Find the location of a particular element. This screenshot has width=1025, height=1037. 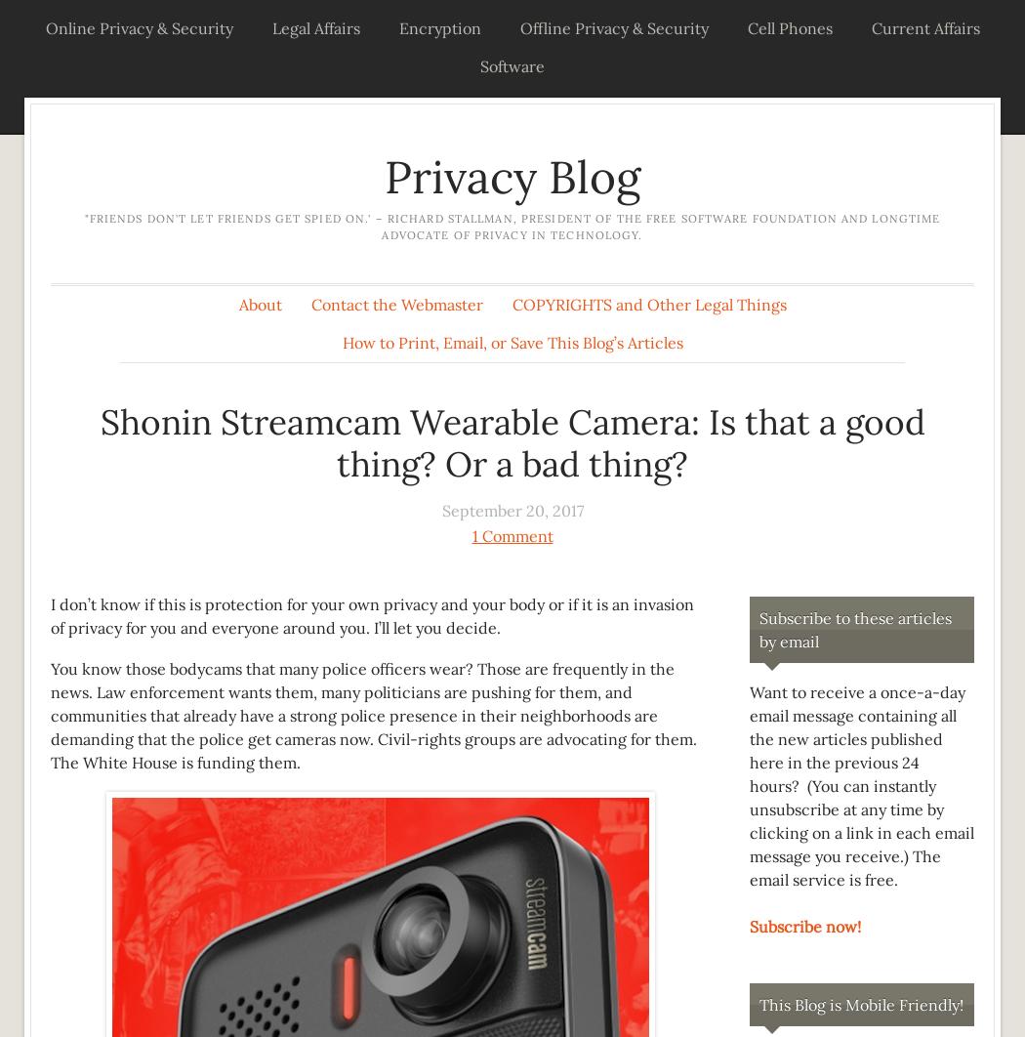

'Current Affairs' is located at coordinates (869, 27).